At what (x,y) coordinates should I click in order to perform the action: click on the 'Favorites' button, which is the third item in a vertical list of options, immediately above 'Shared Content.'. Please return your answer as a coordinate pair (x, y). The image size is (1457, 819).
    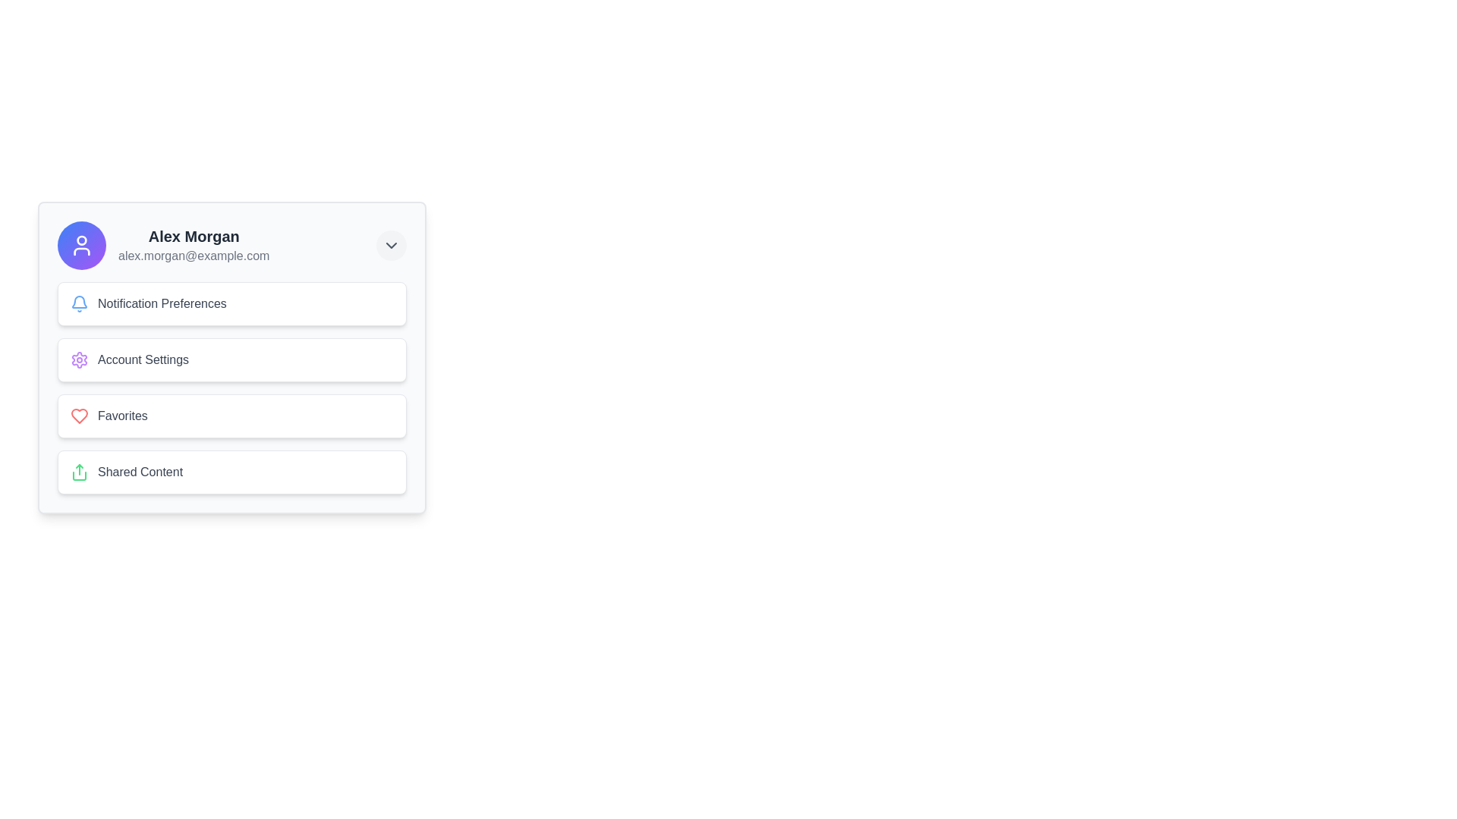
    Looking at the image, I should click on (231, 416).